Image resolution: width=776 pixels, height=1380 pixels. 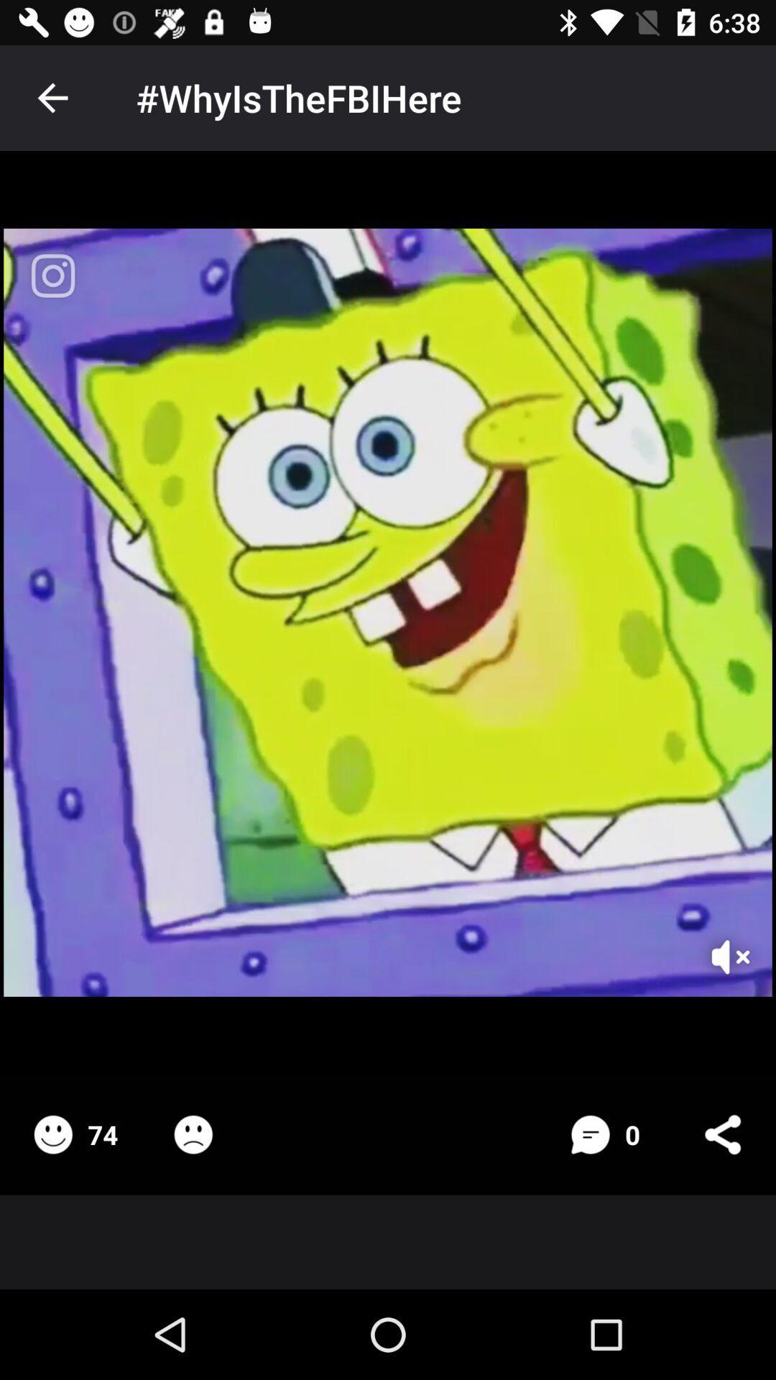 What do you see at coordinates (711, 938) in the screenshot?
I see `the volume icon` at bounding box center [711, 938].